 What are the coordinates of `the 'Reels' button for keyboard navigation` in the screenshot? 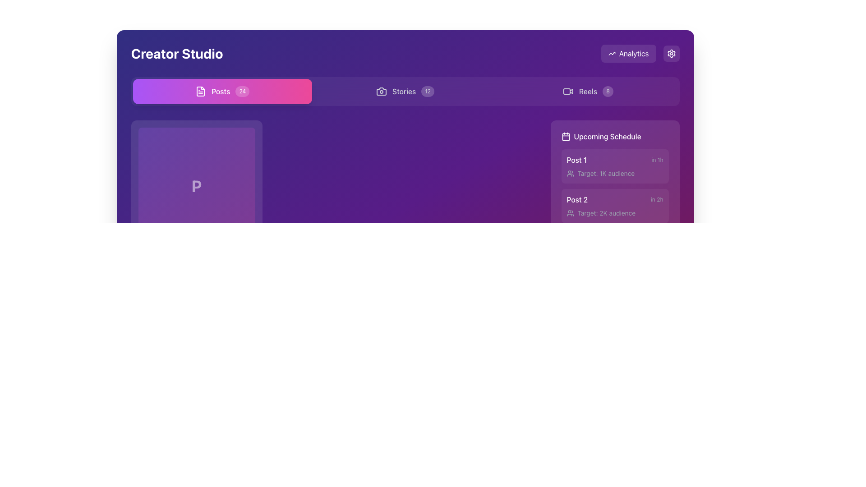 It's located at (588, 92).